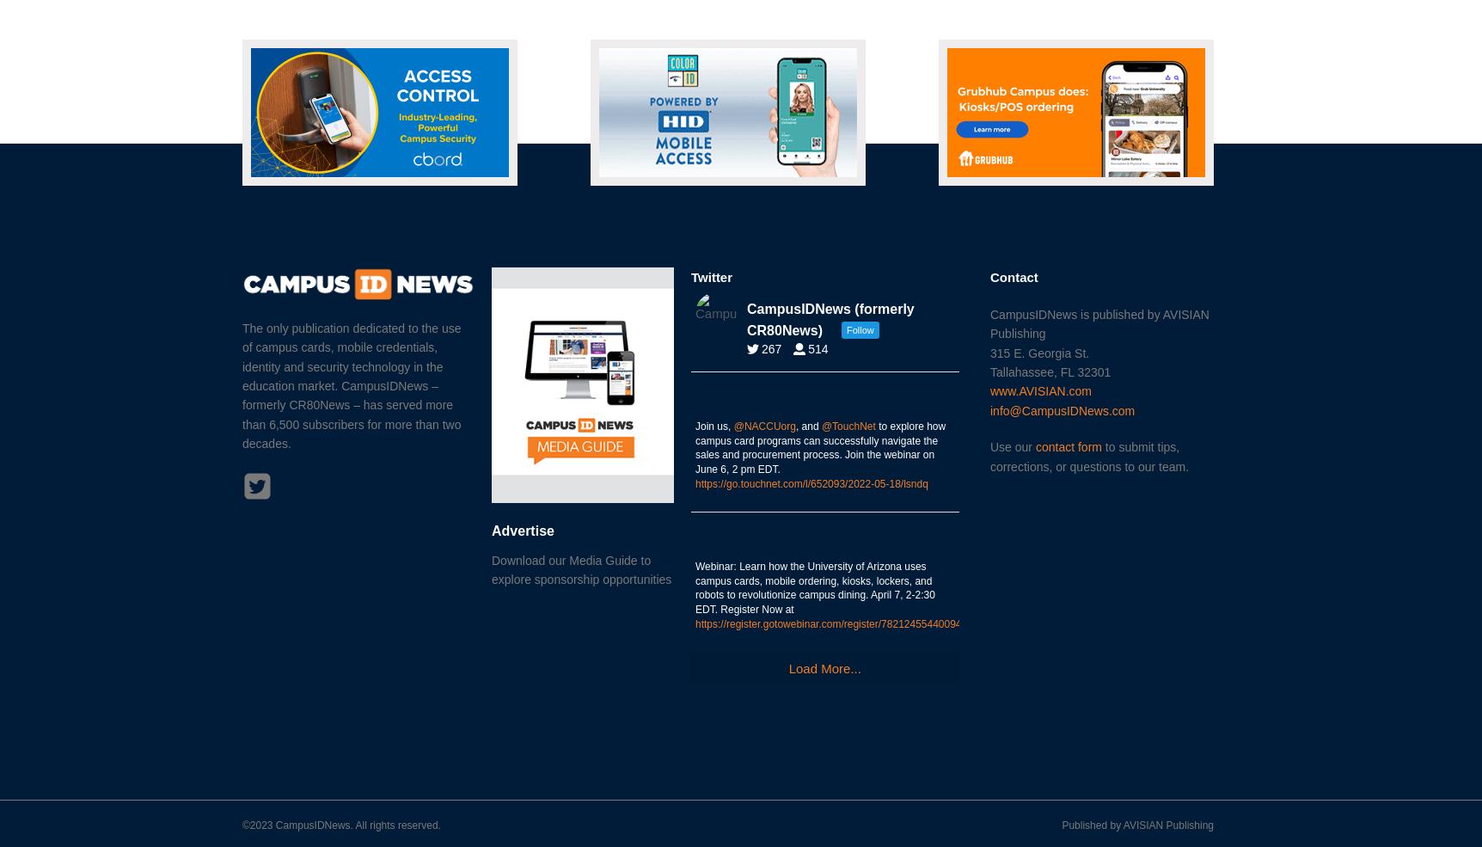 Image resolution: width=1482 pixels, height=847 pixels. What do you see at coordinates (1061, 409) in the screenshot?
I see `'info@CampusIDNews.com'` at bounding box center [1061, 409].